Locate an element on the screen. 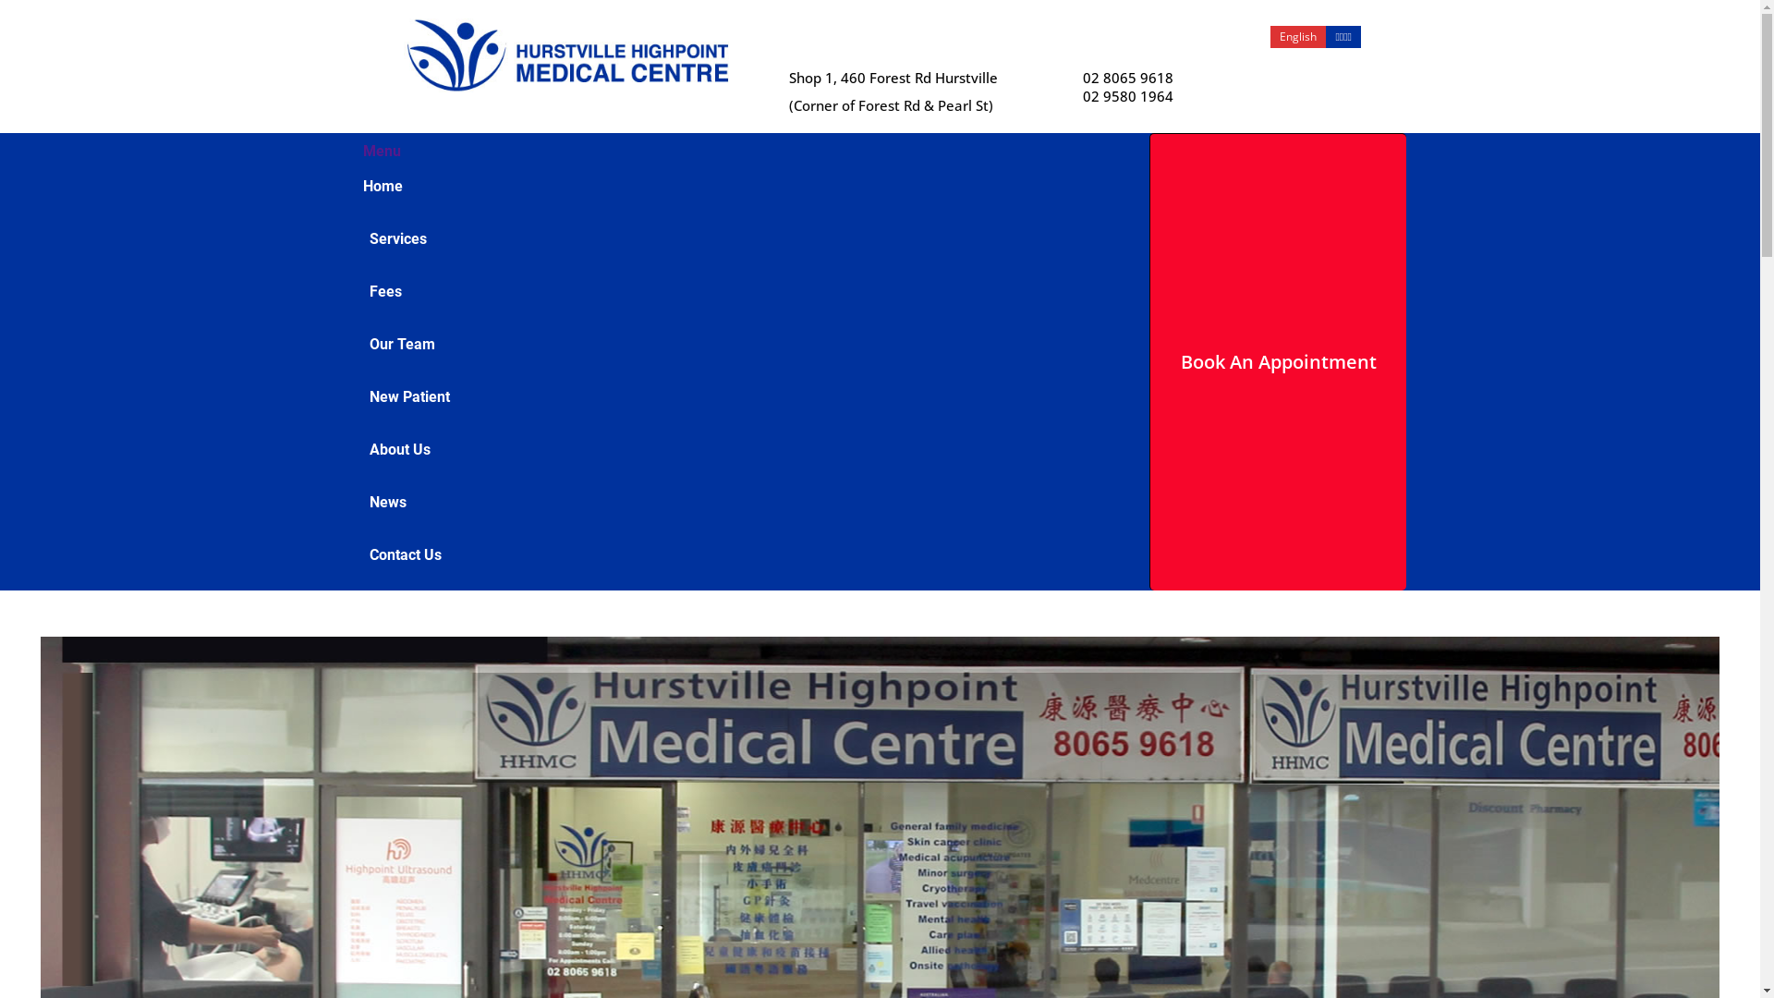  'Menu' is located at coordinates (380, 150).